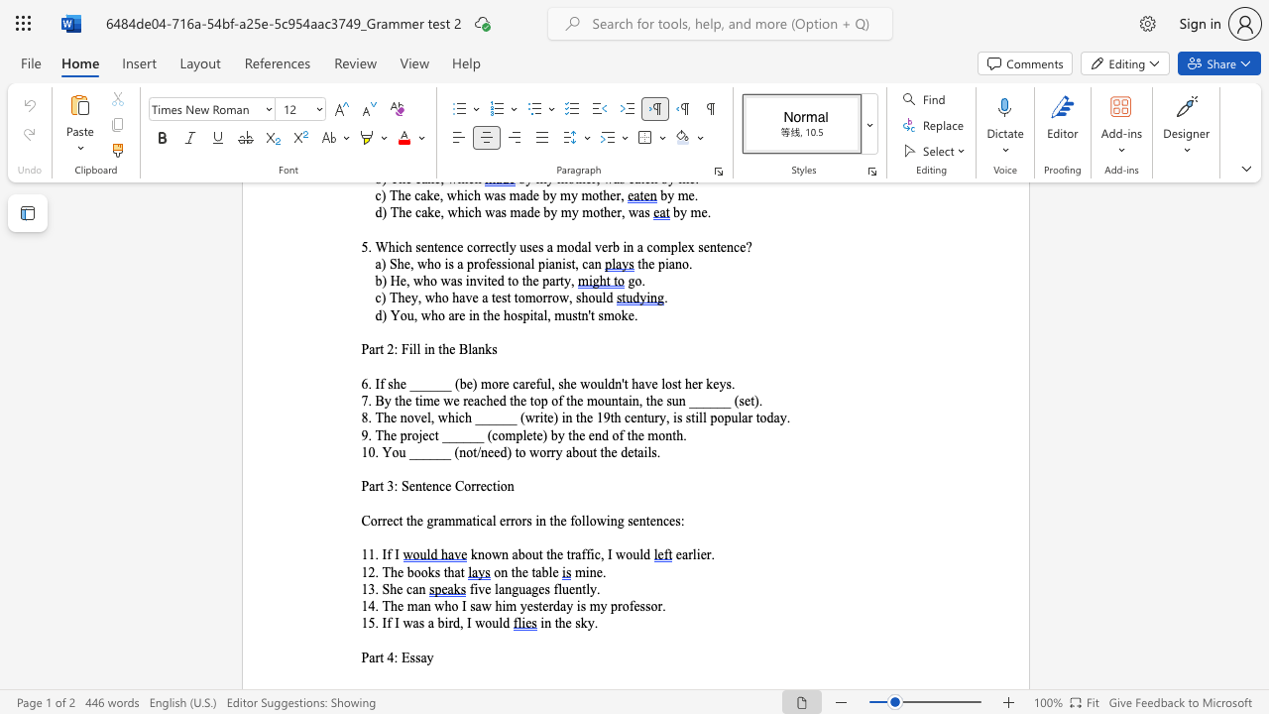 This screenshot has width=1269, height=714. Describe the element at coordinates (390, 588) in the screenshot. I see `the subset text "he ca" within the text "13. She can"` at that location.